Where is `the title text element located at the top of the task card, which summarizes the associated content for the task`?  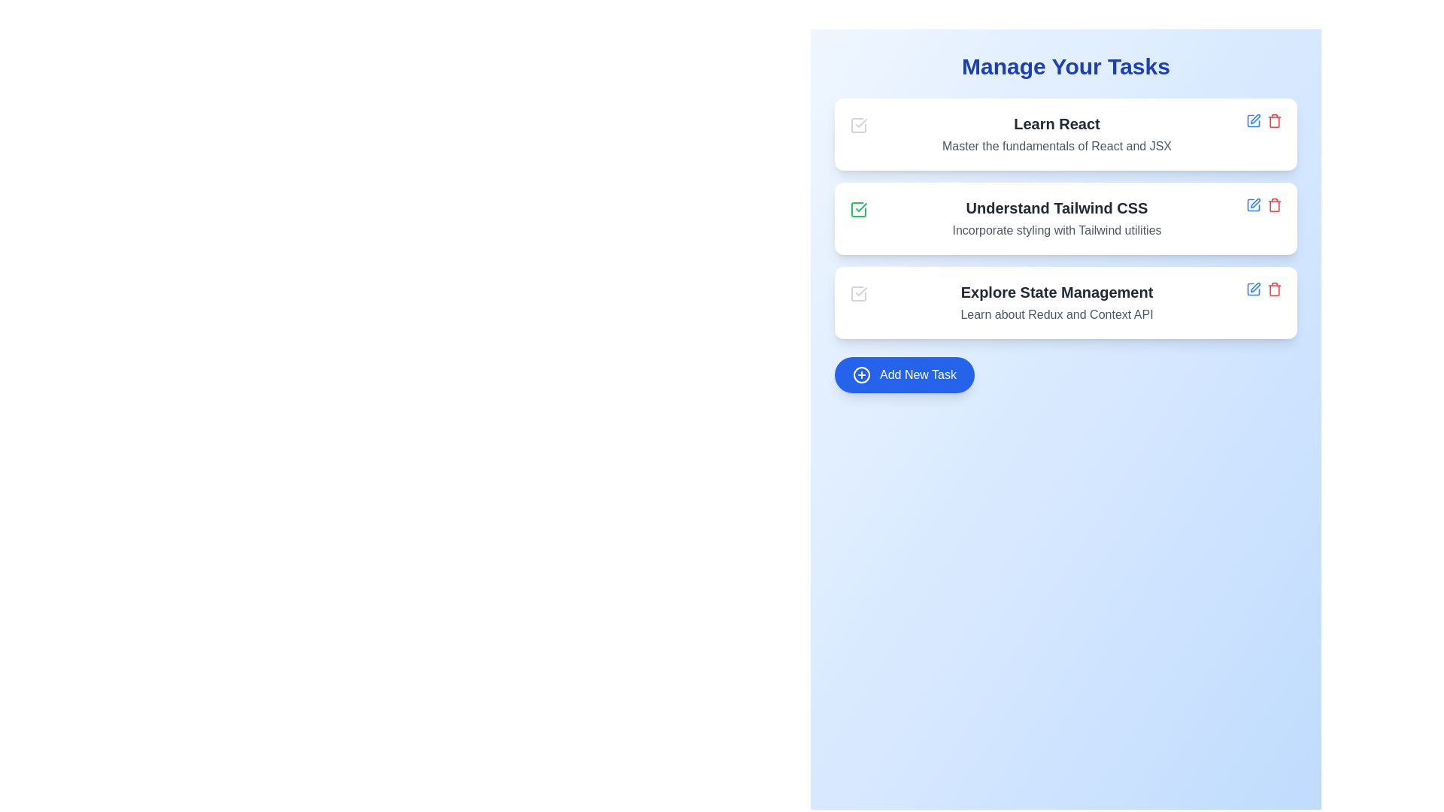 the title text element located at the top of the task card, which summarizes the associated content for the task is located at coordinates (1056, 123).